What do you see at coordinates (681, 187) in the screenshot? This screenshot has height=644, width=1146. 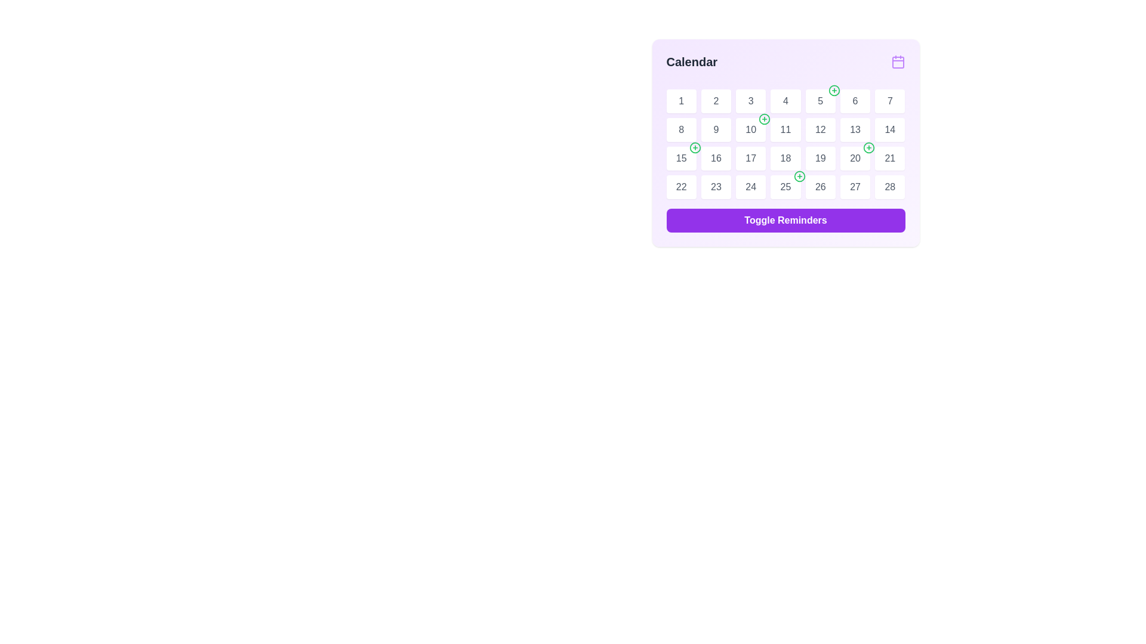 I see `the calendar cell displaying the number '22'` at bounding box center [681, 187].